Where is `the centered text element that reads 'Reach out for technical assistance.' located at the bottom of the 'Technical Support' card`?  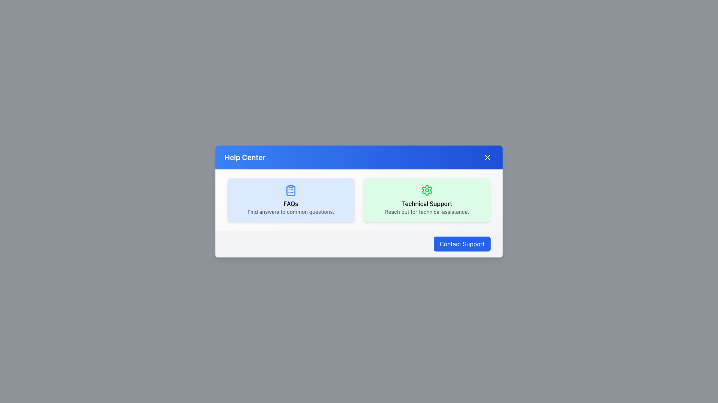
the centered text element that reads 'Reach out for technical assistance.' located at the bottom of the 'Technical Support' card is located at coordinates (427, 212).